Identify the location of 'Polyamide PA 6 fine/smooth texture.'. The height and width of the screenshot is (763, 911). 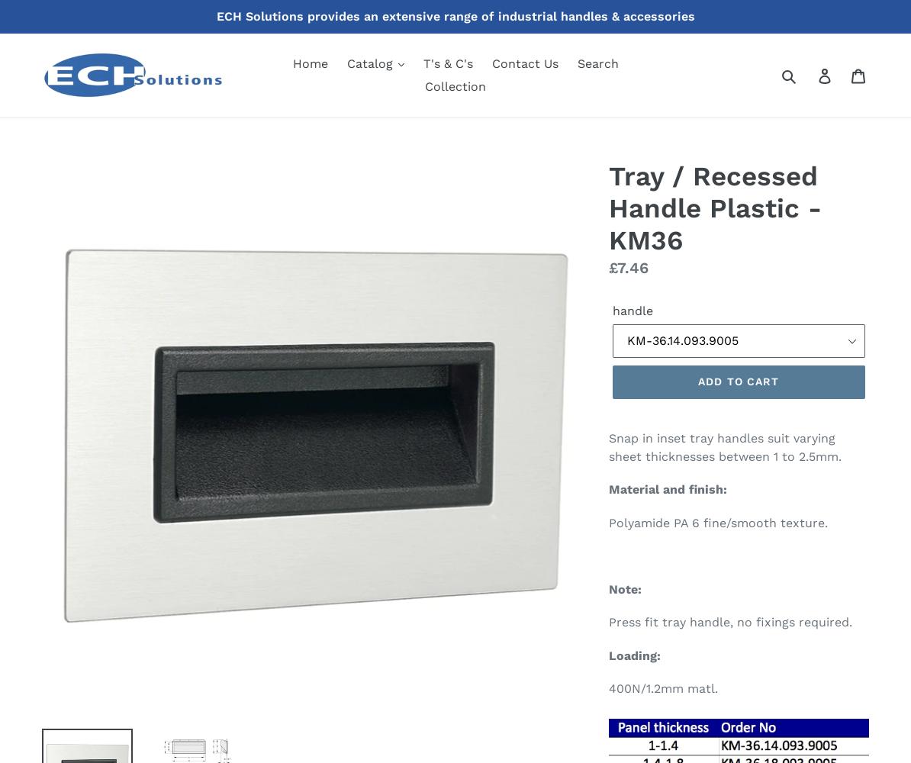
(716, 522).